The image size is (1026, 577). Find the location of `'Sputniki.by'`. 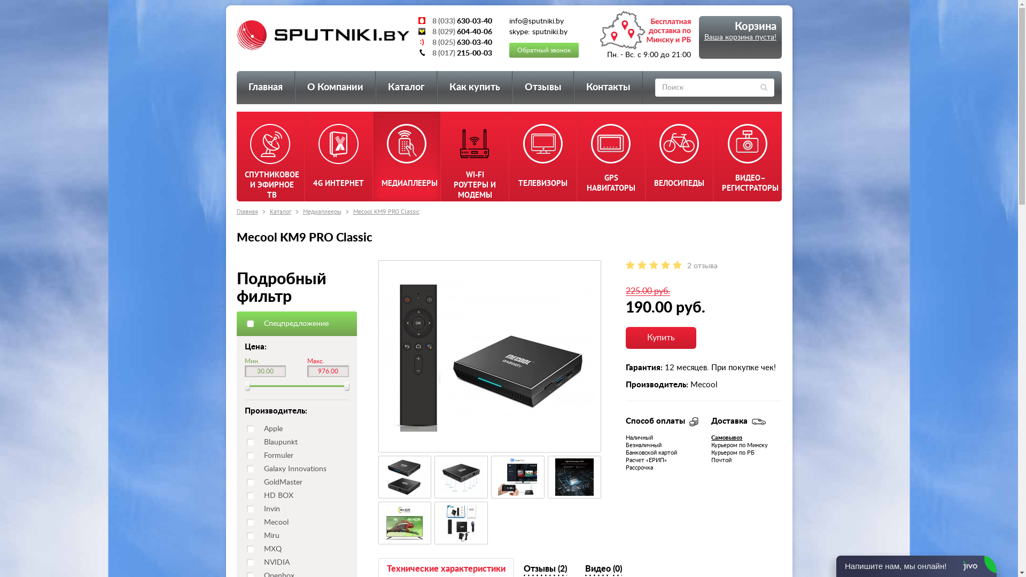

'Sputniki.by' is located at coordinates (235, 34).